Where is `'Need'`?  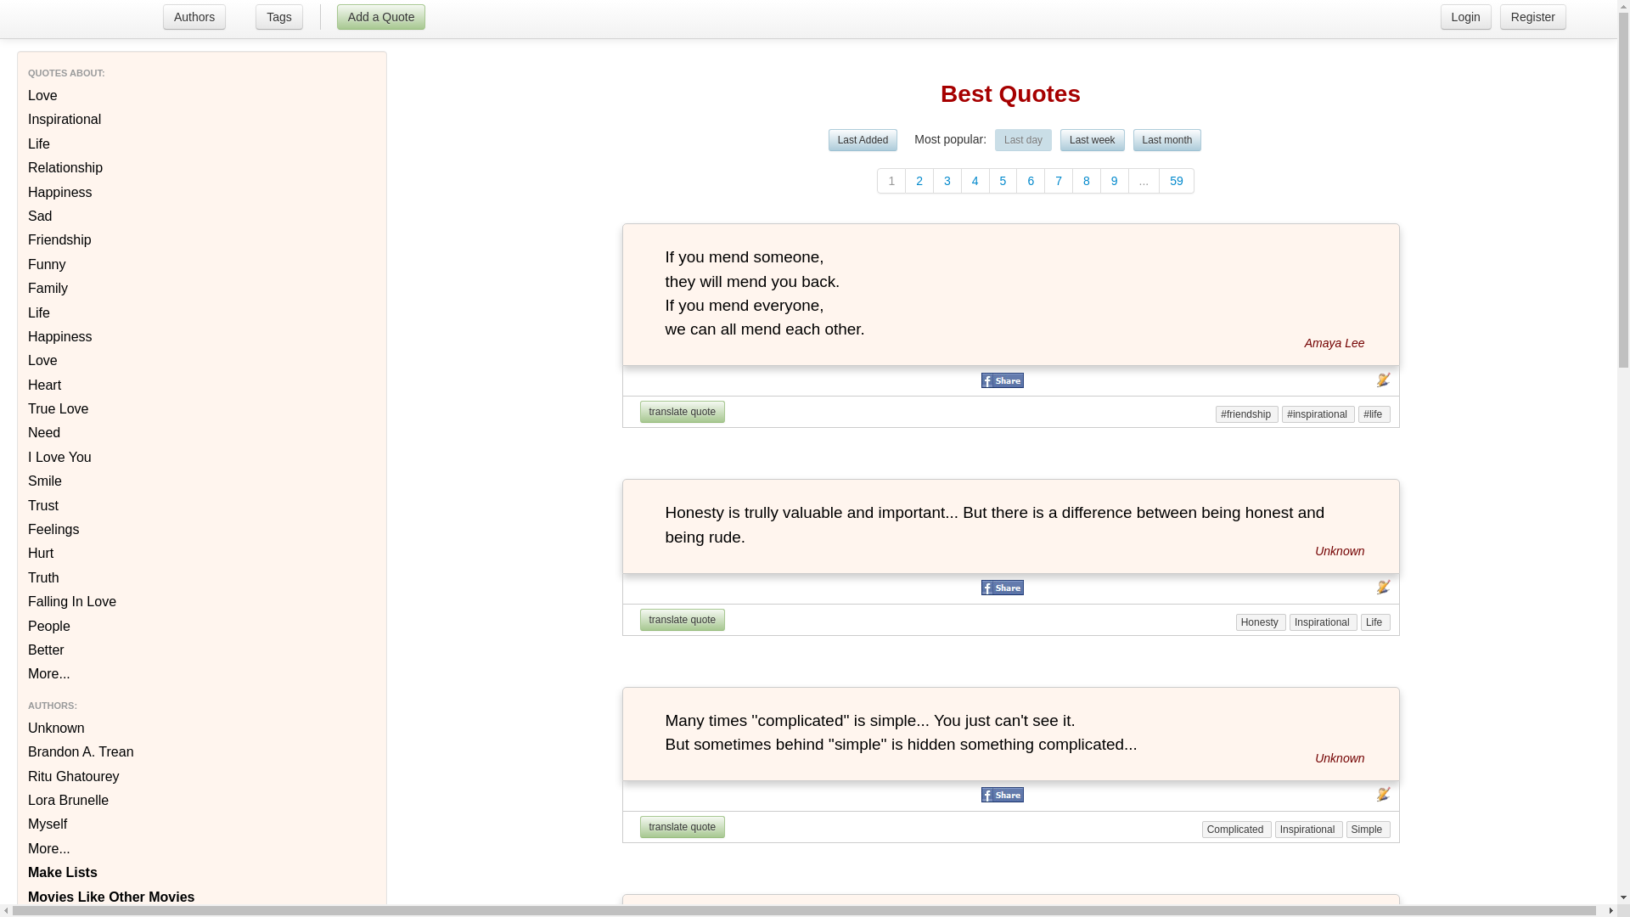
'Need' is located at coordinates (15, 431).